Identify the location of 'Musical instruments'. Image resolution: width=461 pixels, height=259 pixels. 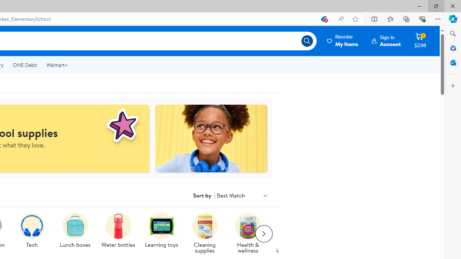
(294, 234).